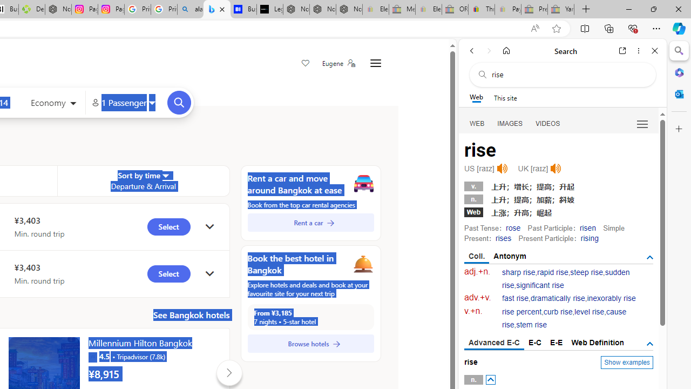 This screenshot has width=691, height=389. I want to click on 'level rise', so click(588, 312).